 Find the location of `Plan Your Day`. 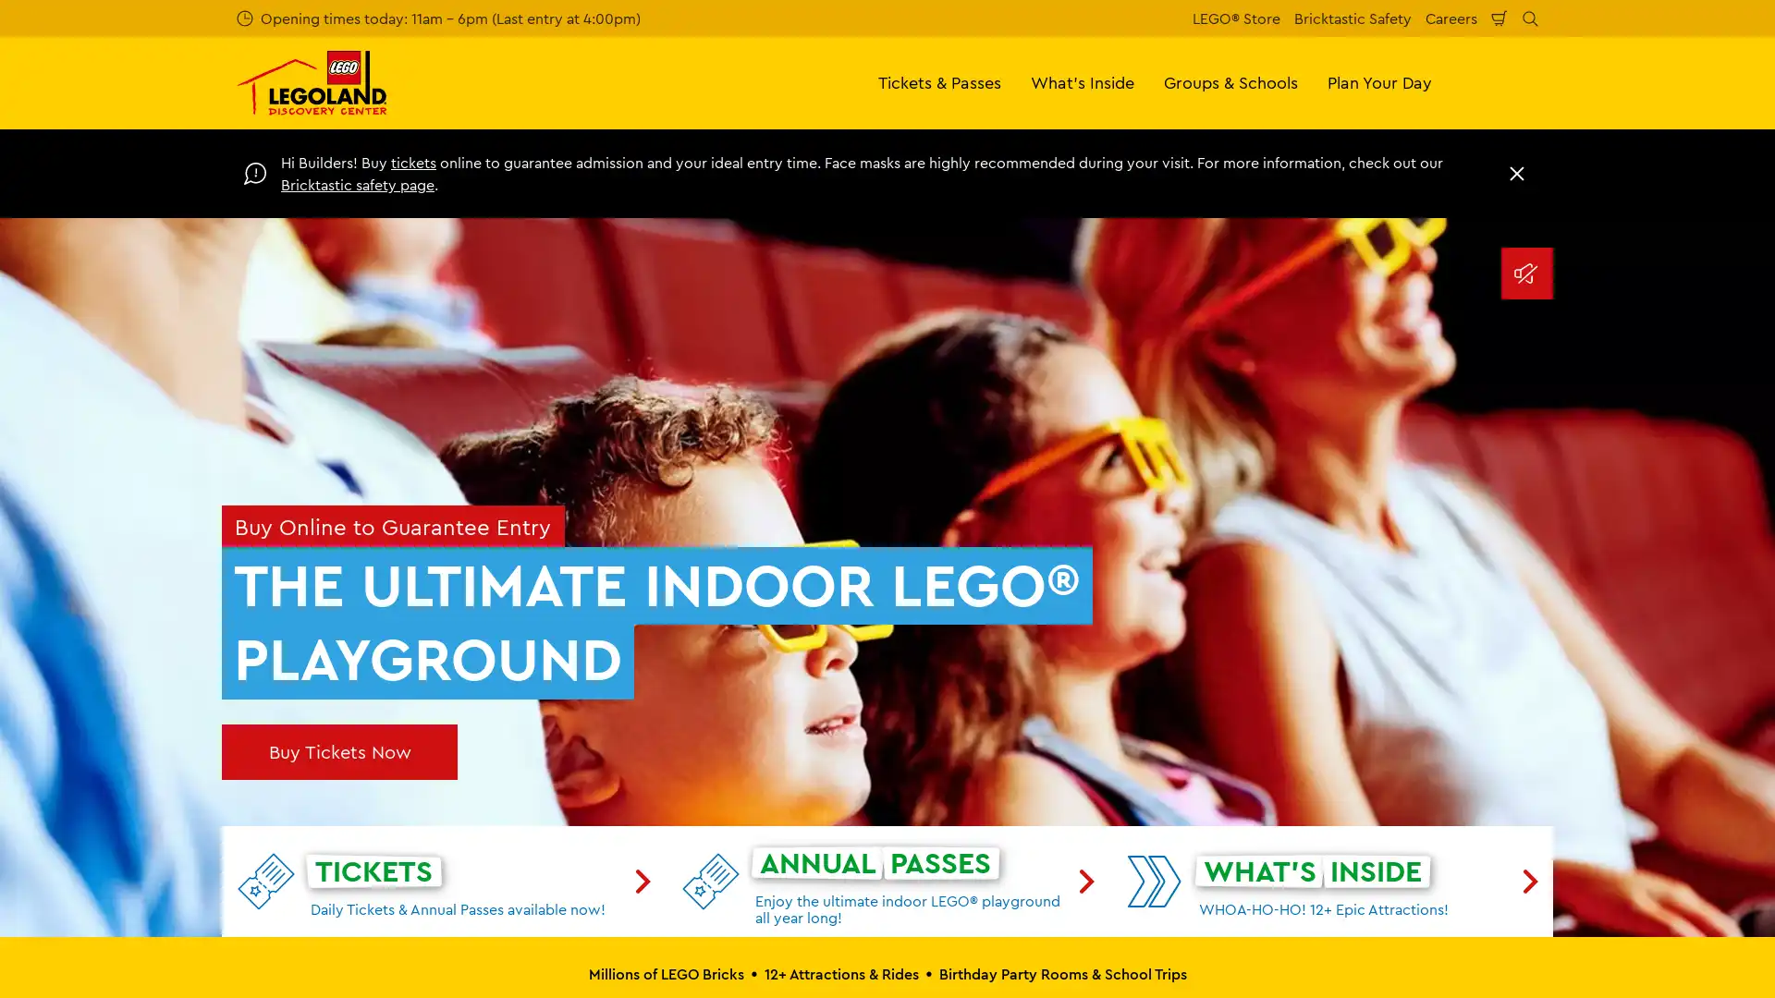

Plan Your Day is located at coordinates (1379, 81).